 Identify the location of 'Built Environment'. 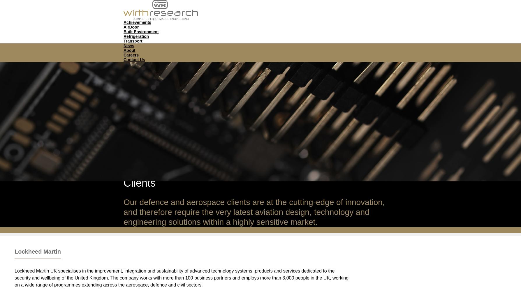
(141, 31).